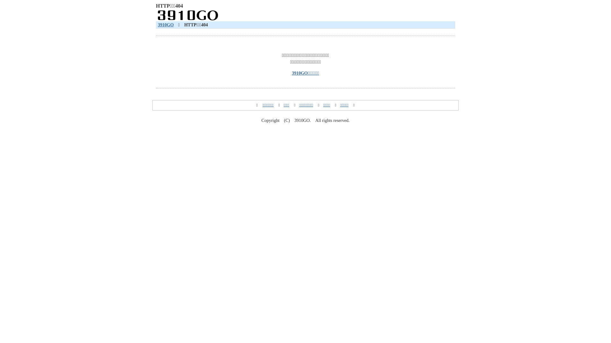 This screenshot has height=343, width=611. What do you see at coordinates (166, 24) in the screenshot?
I see `'3910GO'` at bounding box center [166, 24].